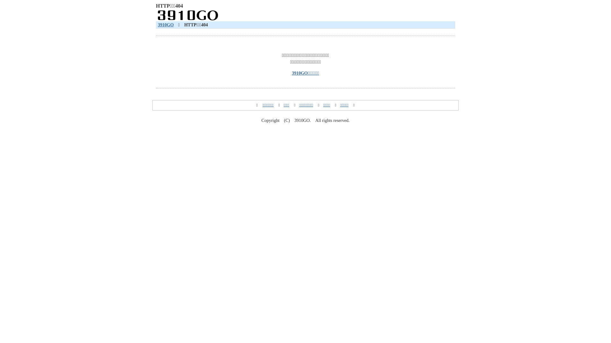 This screenshot has height=343, width=611. What do you see at coordinates (166, 24) in the screenshot?
I see `'3910GO'` at bounding box center [166, 24].